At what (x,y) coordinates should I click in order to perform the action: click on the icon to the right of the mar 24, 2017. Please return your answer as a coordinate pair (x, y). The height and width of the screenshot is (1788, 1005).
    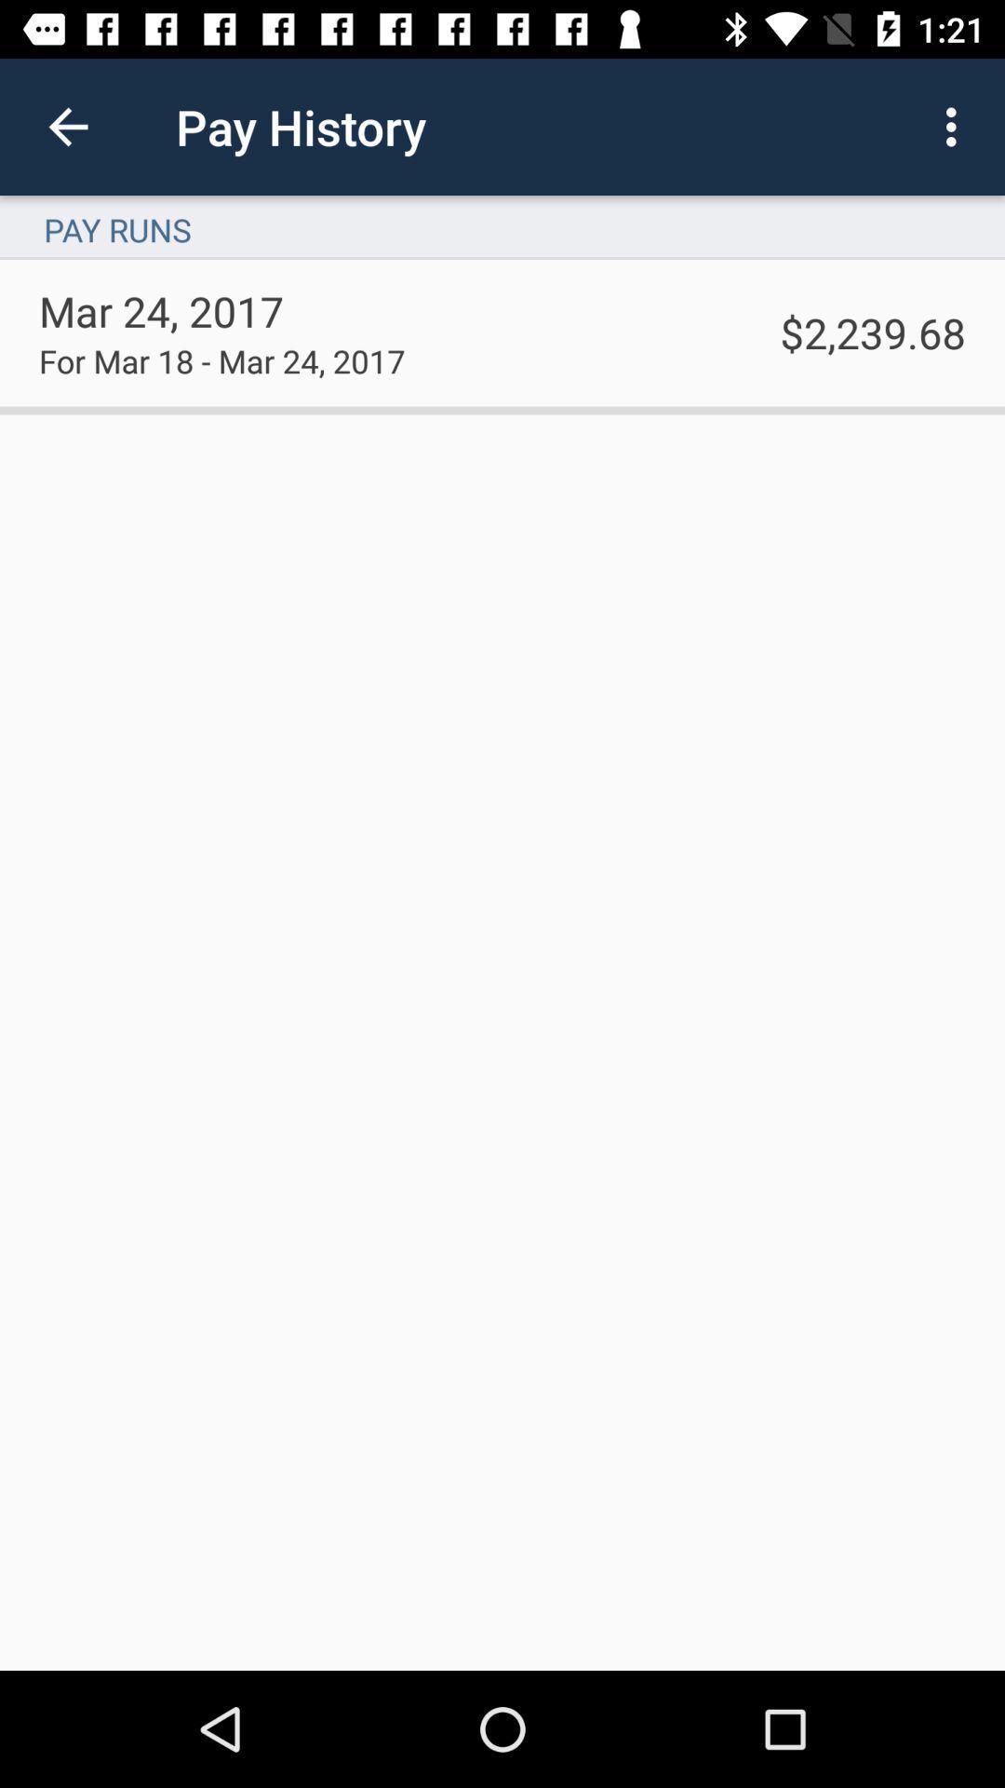
    Looking at the image, I should click on (873, 332).